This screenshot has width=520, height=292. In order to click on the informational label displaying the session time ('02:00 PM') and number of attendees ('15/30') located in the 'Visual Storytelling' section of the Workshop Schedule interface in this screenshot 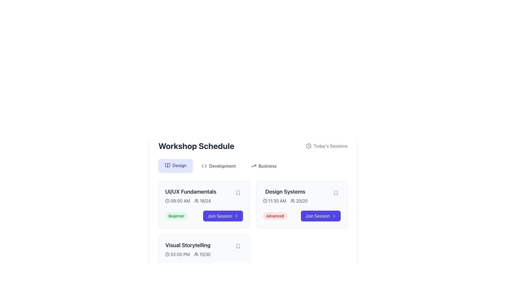, I will do `click(188, 254)`.